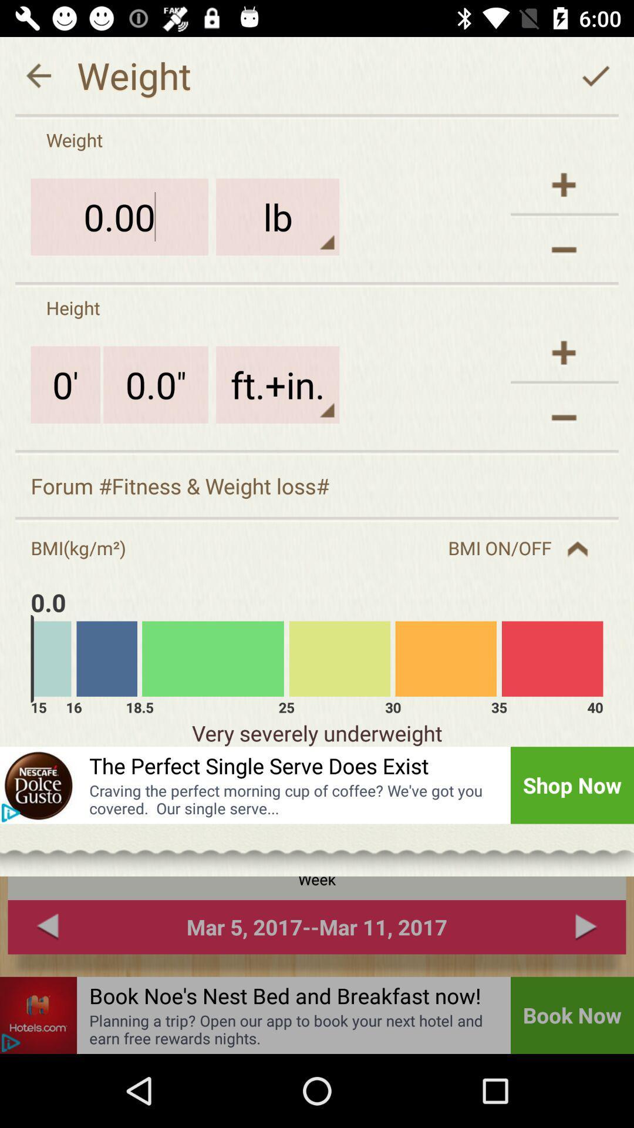 The image size is (634, 1128). I want to click on the minus icon, so click(564, 417).